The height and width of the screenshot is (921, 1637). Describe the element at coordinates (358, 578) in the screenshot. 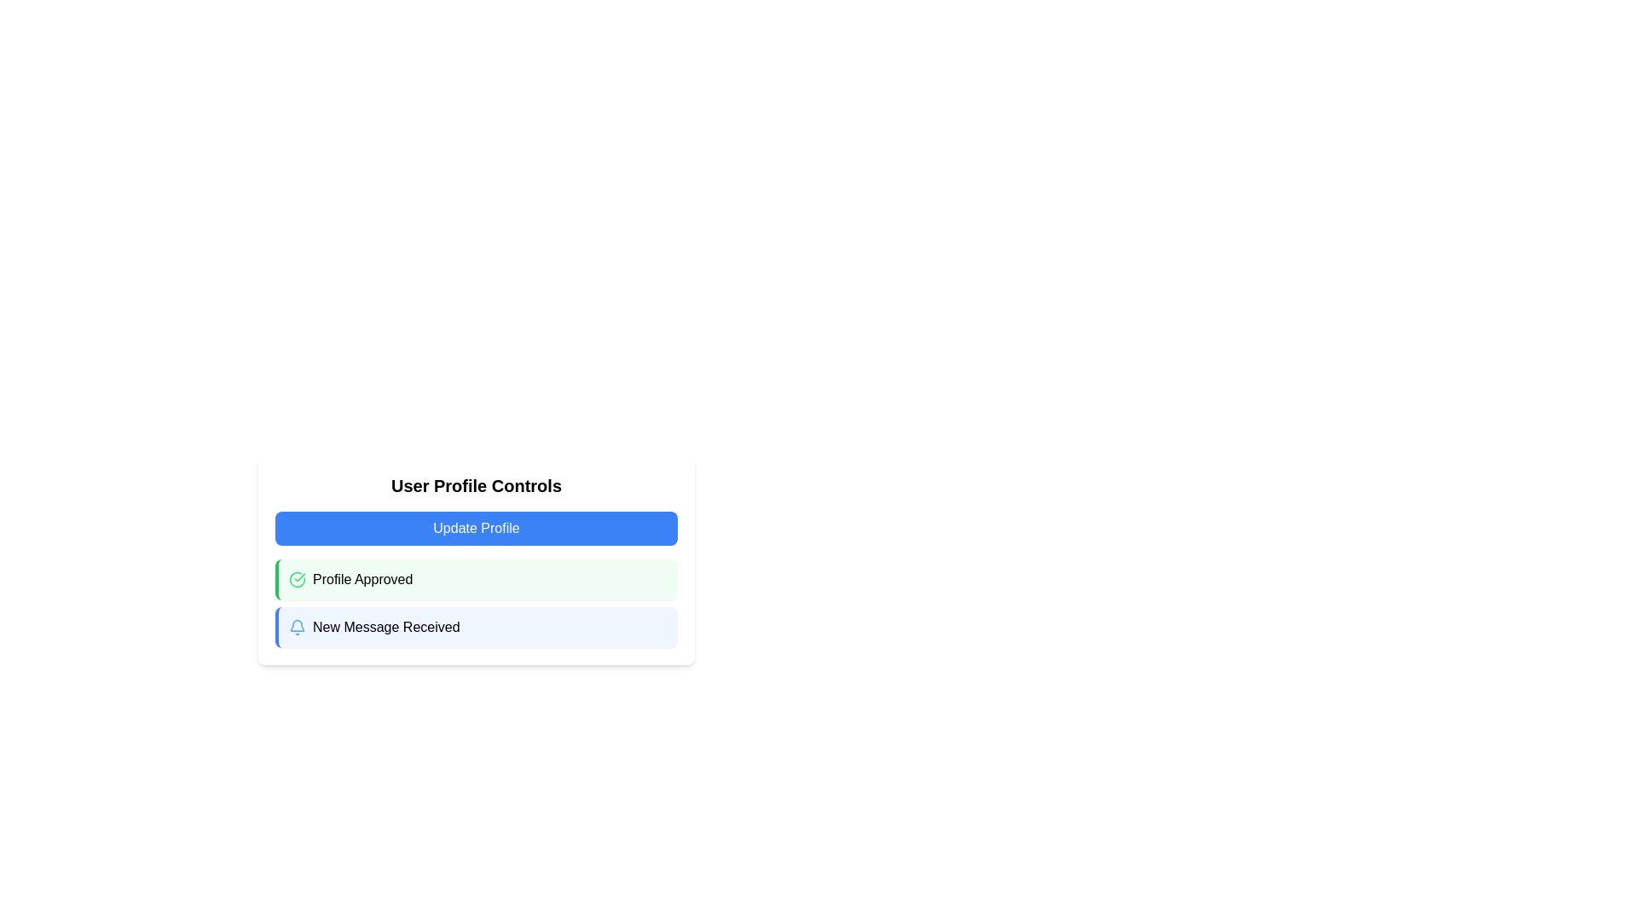

I see `the informational static text label that indicates the user's profile has been approved, positioned within the notification box under 'User Profile Controls'` at that location.